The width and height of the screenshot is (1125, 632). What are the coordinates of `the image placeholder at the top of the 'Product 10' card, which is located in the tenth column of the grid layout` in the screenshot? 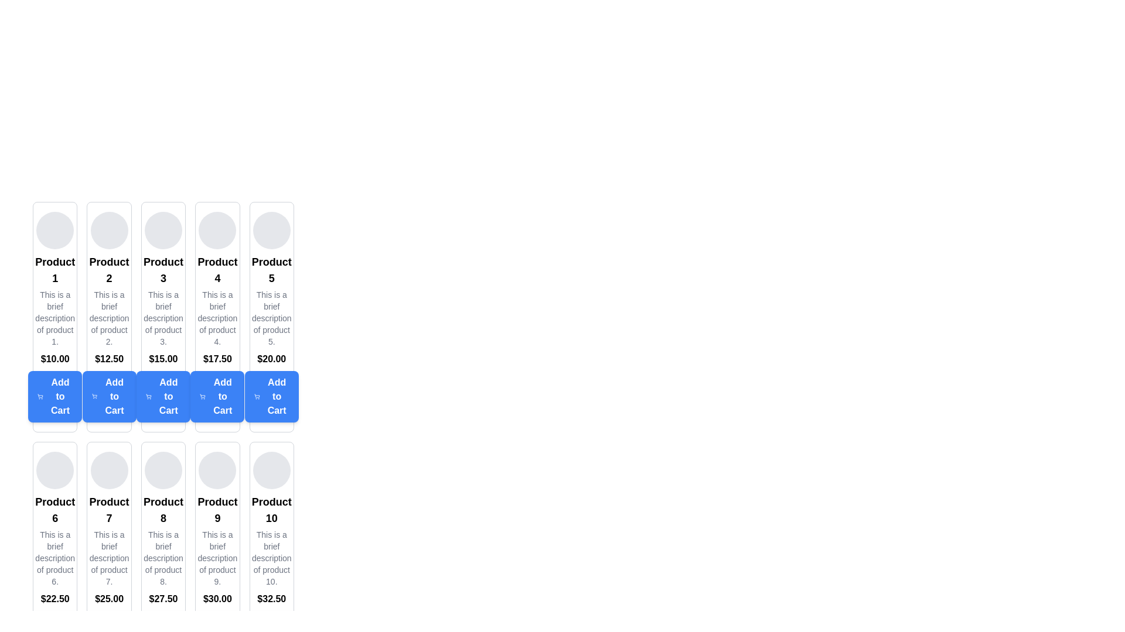 It's located at (271, 469).